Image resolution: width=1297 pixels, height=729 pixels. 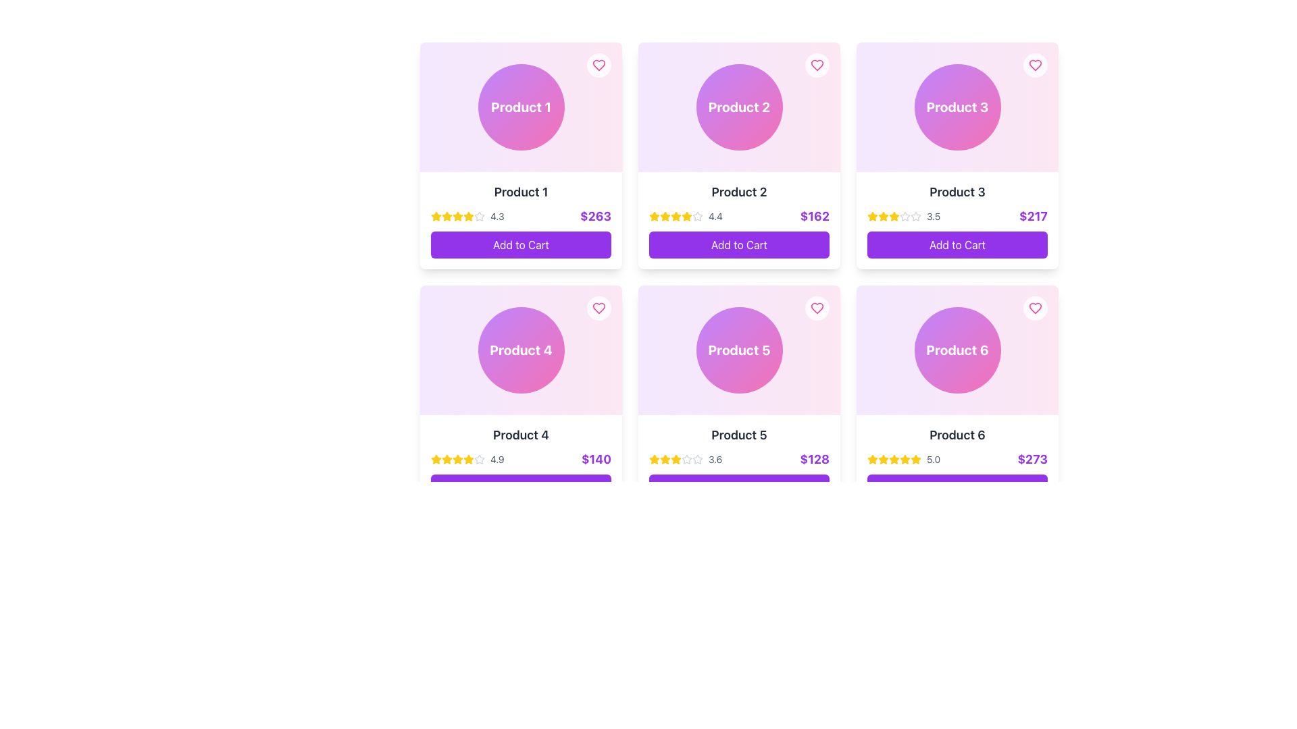 What do you see at coordinates (655, 459) in the screenshot?
I see `the first star icon in the rating area of the 'Product 5' card, located in the second row, second column of the grid layout, which visually represents a portion of a rating score` at bounding box center [655, 459].